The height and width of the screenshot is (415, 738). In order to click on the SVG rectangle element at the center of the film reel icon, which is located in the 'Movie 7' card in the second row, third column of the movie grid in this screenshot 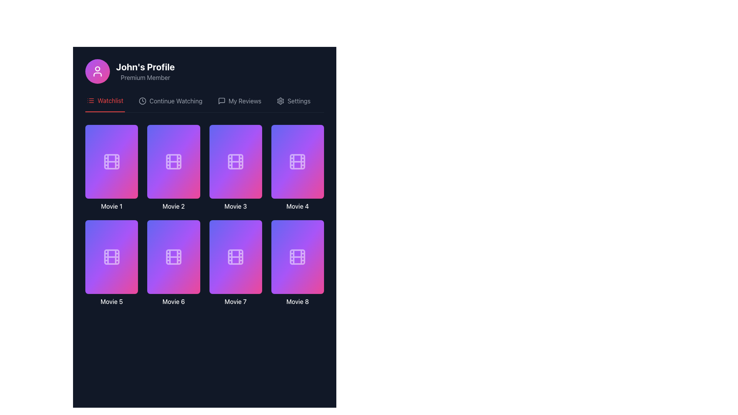, I will do `click(235, 257)`.